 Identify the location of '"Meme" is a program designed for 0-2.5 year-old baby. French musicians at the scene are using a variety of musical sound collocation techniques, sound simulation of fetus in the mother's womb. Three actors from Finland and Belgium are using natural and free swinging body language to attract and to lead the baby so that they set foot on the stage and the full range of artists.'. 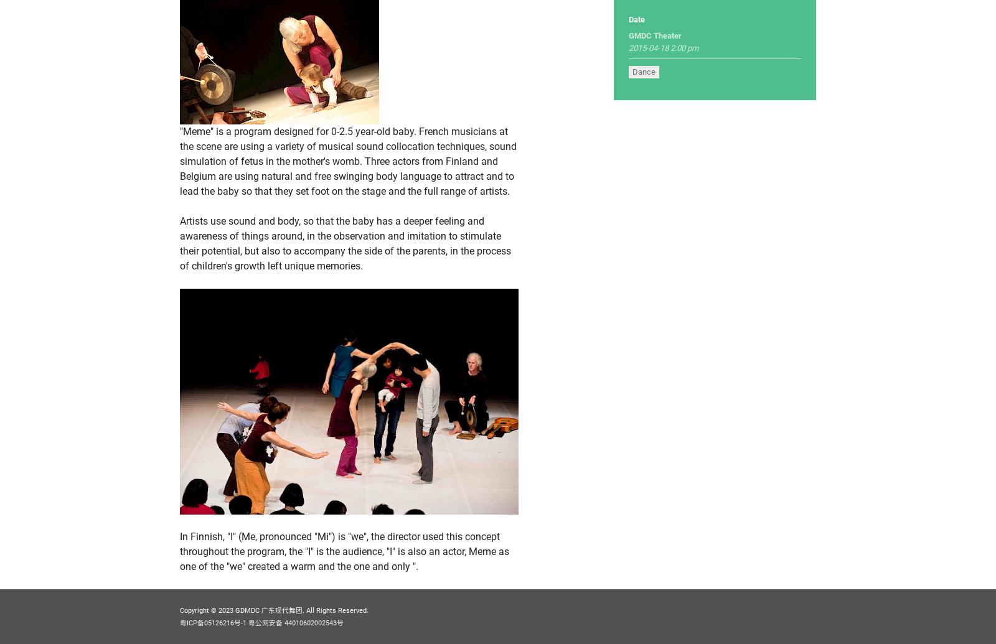
(179, 161).